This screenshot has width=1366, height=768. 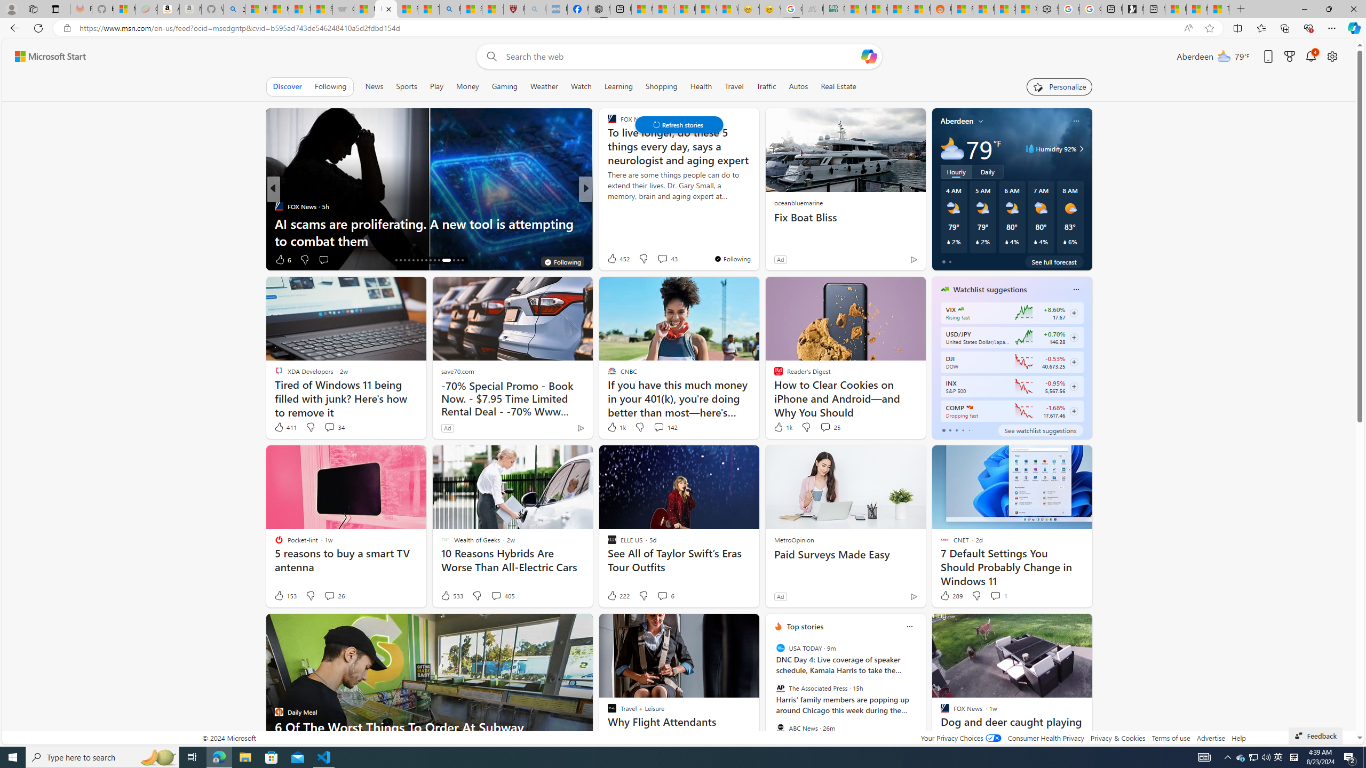 I want to click on 'View comments 7 Comment', so click(x=662, y=259).